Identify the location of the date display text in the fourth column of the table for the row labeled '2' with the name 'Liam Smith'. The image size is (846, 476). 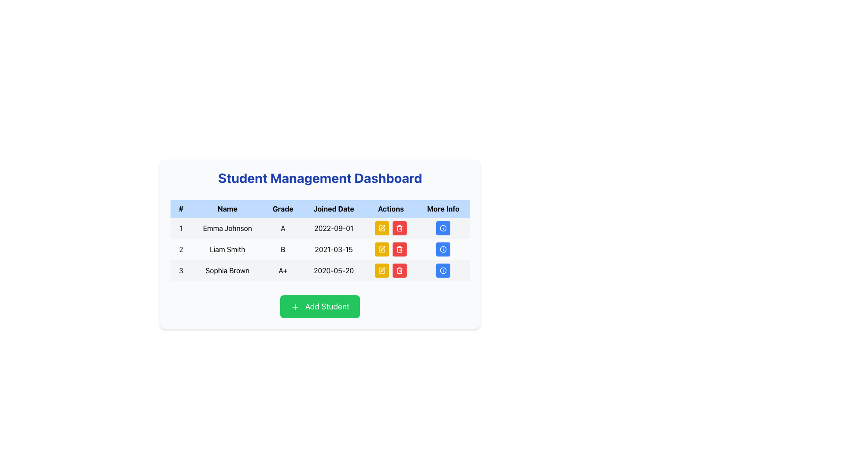
(333, 249).